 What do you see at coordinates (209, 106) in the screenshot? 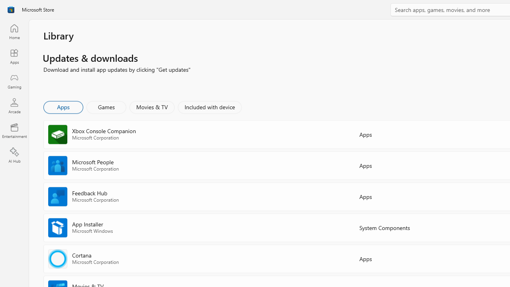
I see `'Included with device'` at bounding box center [209, 106].